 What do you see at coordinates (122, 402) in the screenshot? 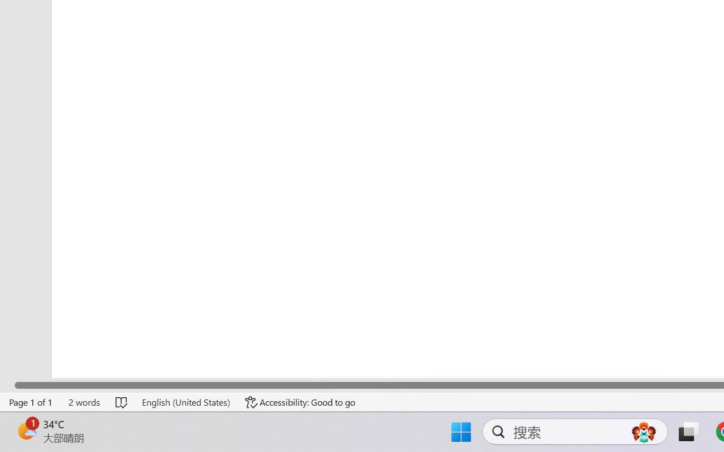
I see `'Spelling and Grammar Check No Errors'` at bounding box center [122, 402].